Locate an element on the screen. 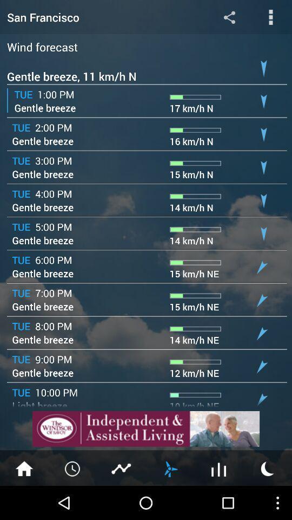  open android settings is located at coordinates (229, 16).